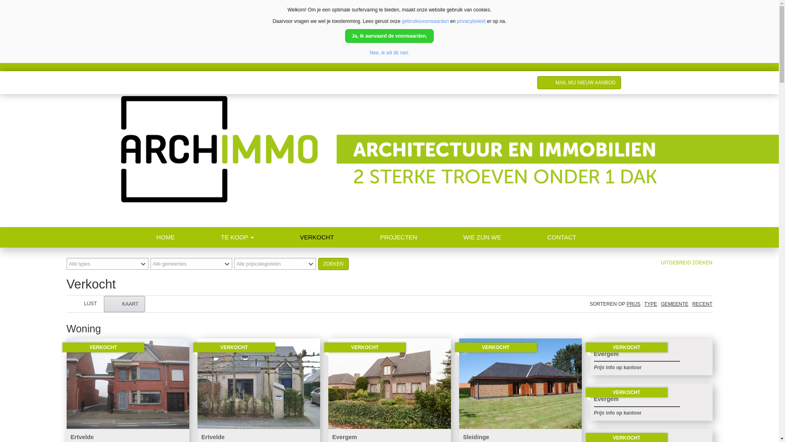 The image size is (785, 442). I want to click on 'Zoeken', so click(333, 264).